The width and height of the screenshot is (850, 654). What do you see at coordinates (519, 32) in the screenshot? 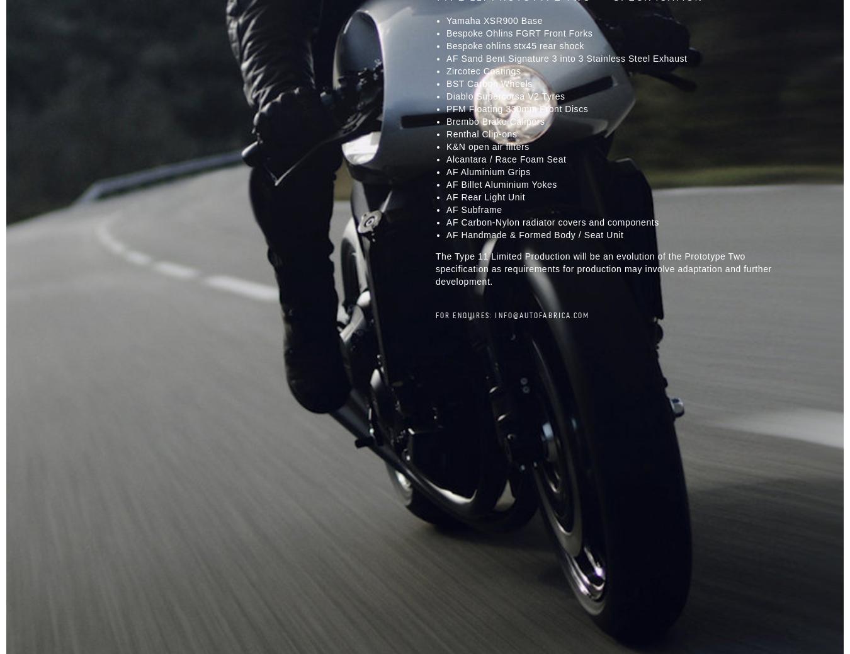
I see `'Bespoke Ohlins FGRT Front Forks'` at bounding box center [519, 32].